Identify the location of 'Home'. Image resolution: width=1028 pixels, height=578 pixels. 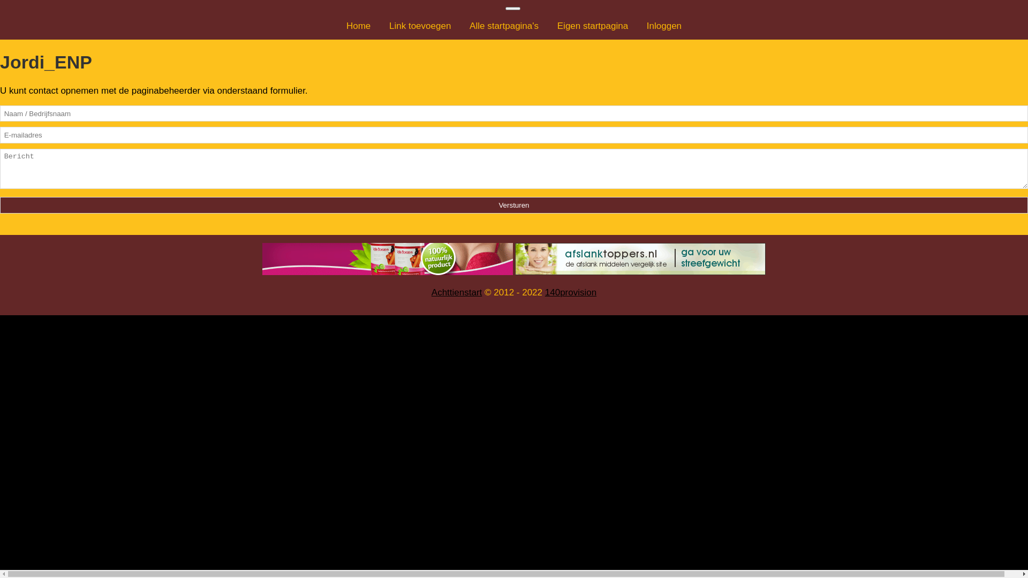
(358, 25).